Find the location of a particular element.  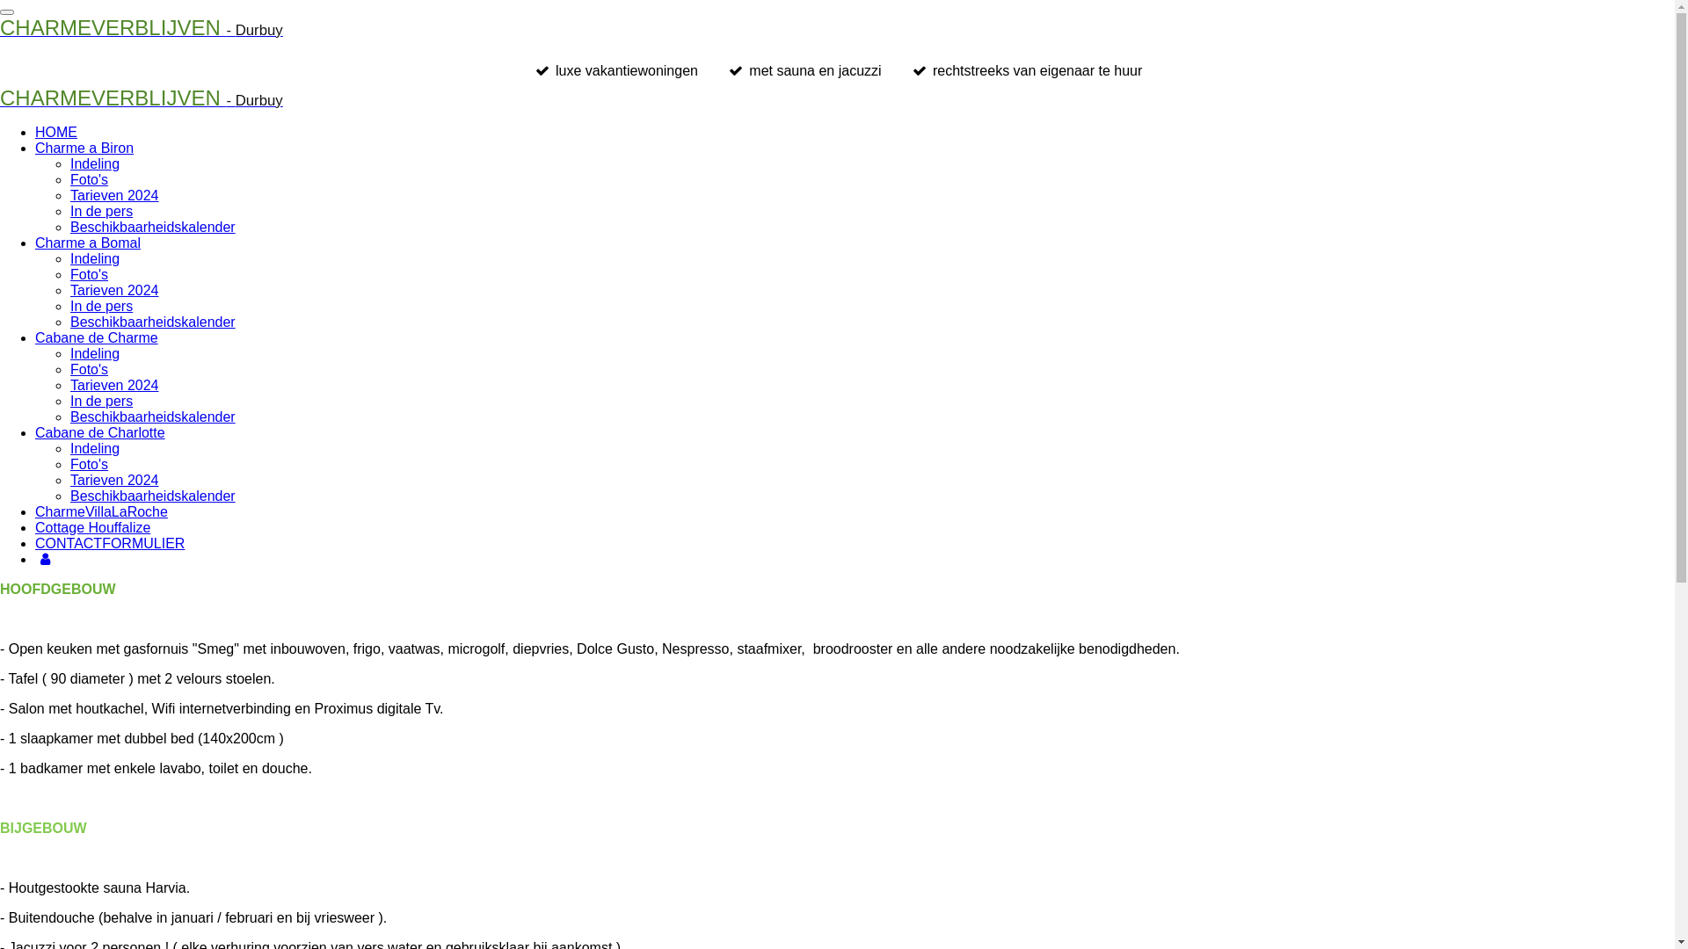

'In de pers' is located at coordinates (100, 401).